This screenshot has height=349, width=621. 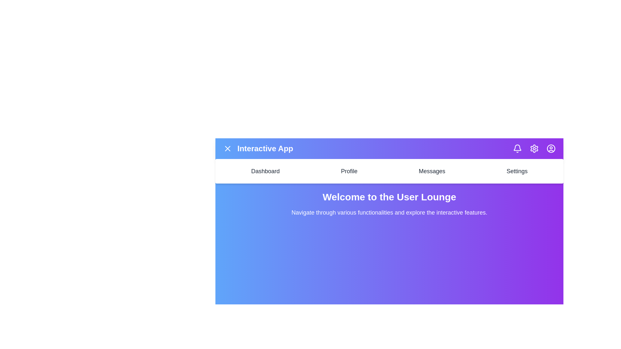 I want to click on the settings icon in the app bar, so click(x=534, y=148).